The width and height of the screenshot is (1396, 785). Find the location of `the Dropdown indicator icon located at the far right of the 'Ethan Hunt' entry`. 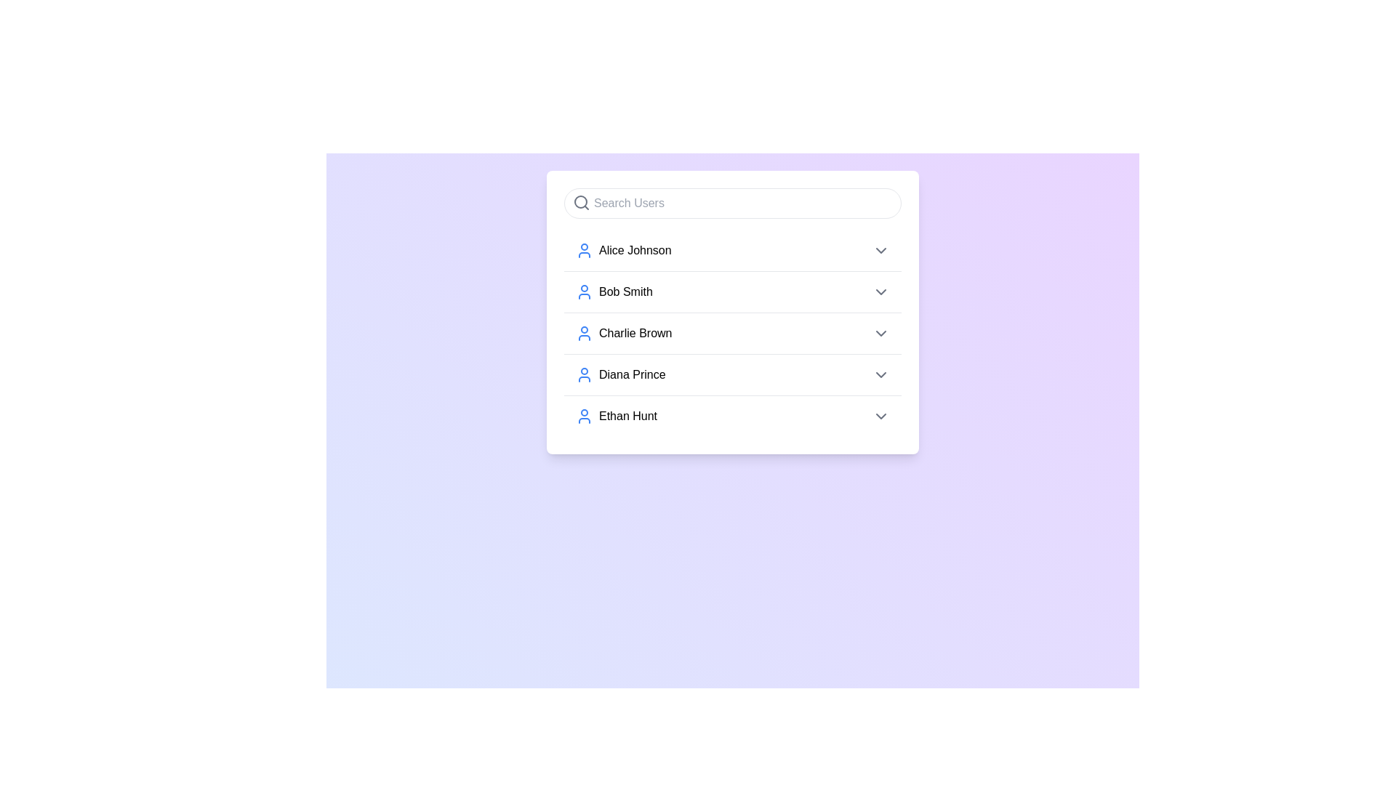

the Dropdown indicator icon located at the far right of the 'Ethan Hunt' entry is located at coordinates (880, 416).